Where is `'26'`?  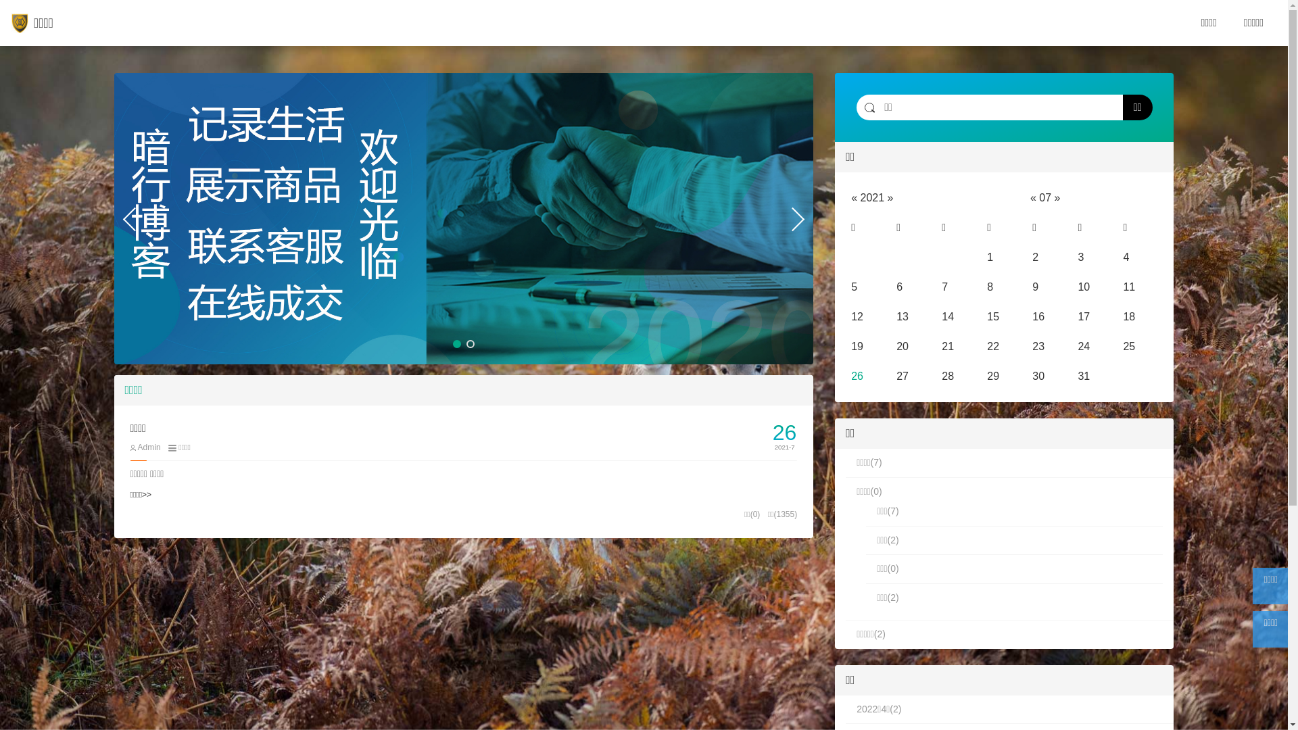 '26' is located at coordinates (856, 376).